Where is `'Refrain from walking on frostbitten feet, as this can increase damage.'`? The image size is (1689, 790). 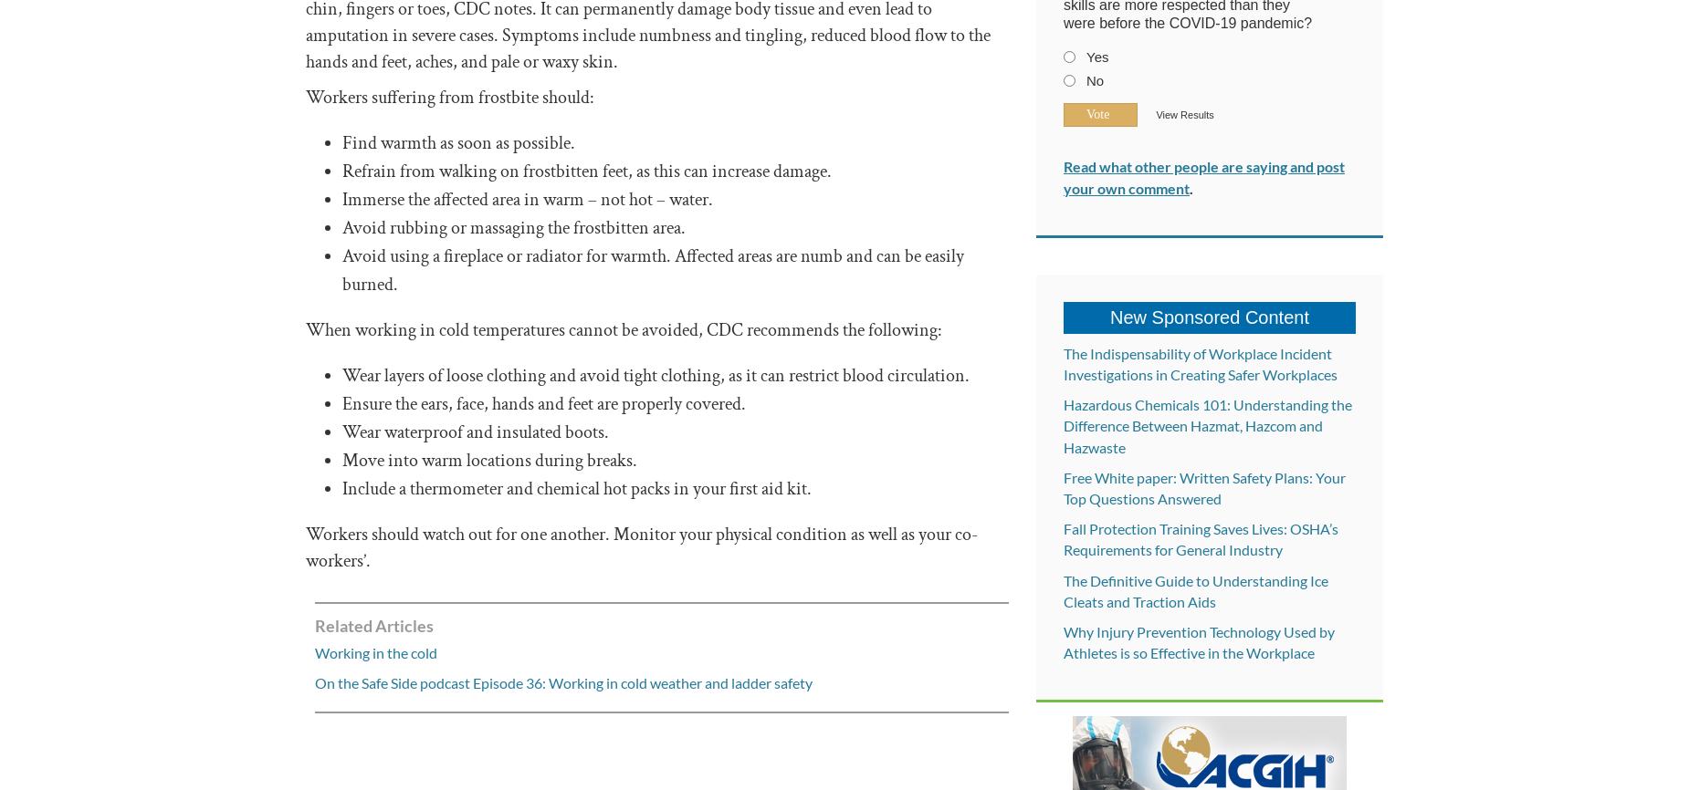 'Refrain from walking on frostbitten feet, as this can increase damage.' is located at coordinates (587, 172).